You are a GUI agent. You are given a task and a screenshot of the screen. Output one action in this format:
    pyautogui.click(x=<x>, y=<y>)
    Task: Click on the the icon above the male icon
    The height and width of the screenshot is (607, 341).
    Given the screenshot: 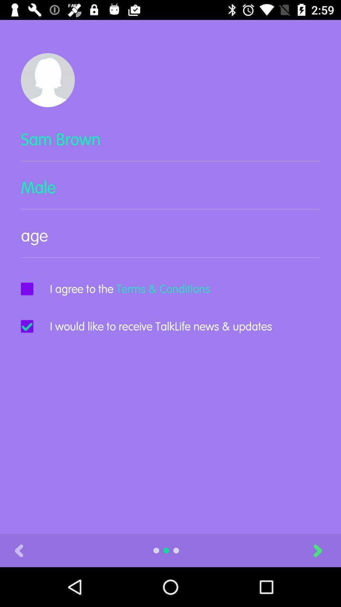 What is the action you would take?
    pyautogui.click(x=170, y=144)
    